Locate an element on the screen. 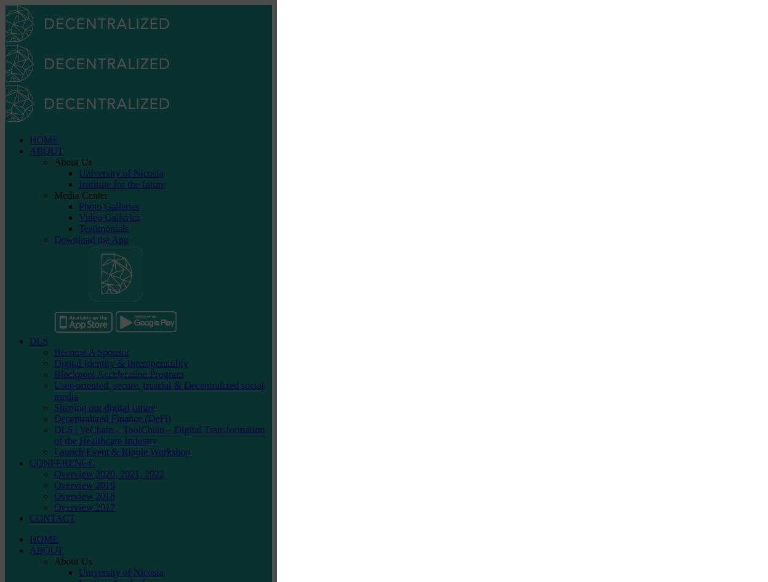 This screenshot has height=582, width=768. 'CONFERENCE' is located at coordinates (60, 462).